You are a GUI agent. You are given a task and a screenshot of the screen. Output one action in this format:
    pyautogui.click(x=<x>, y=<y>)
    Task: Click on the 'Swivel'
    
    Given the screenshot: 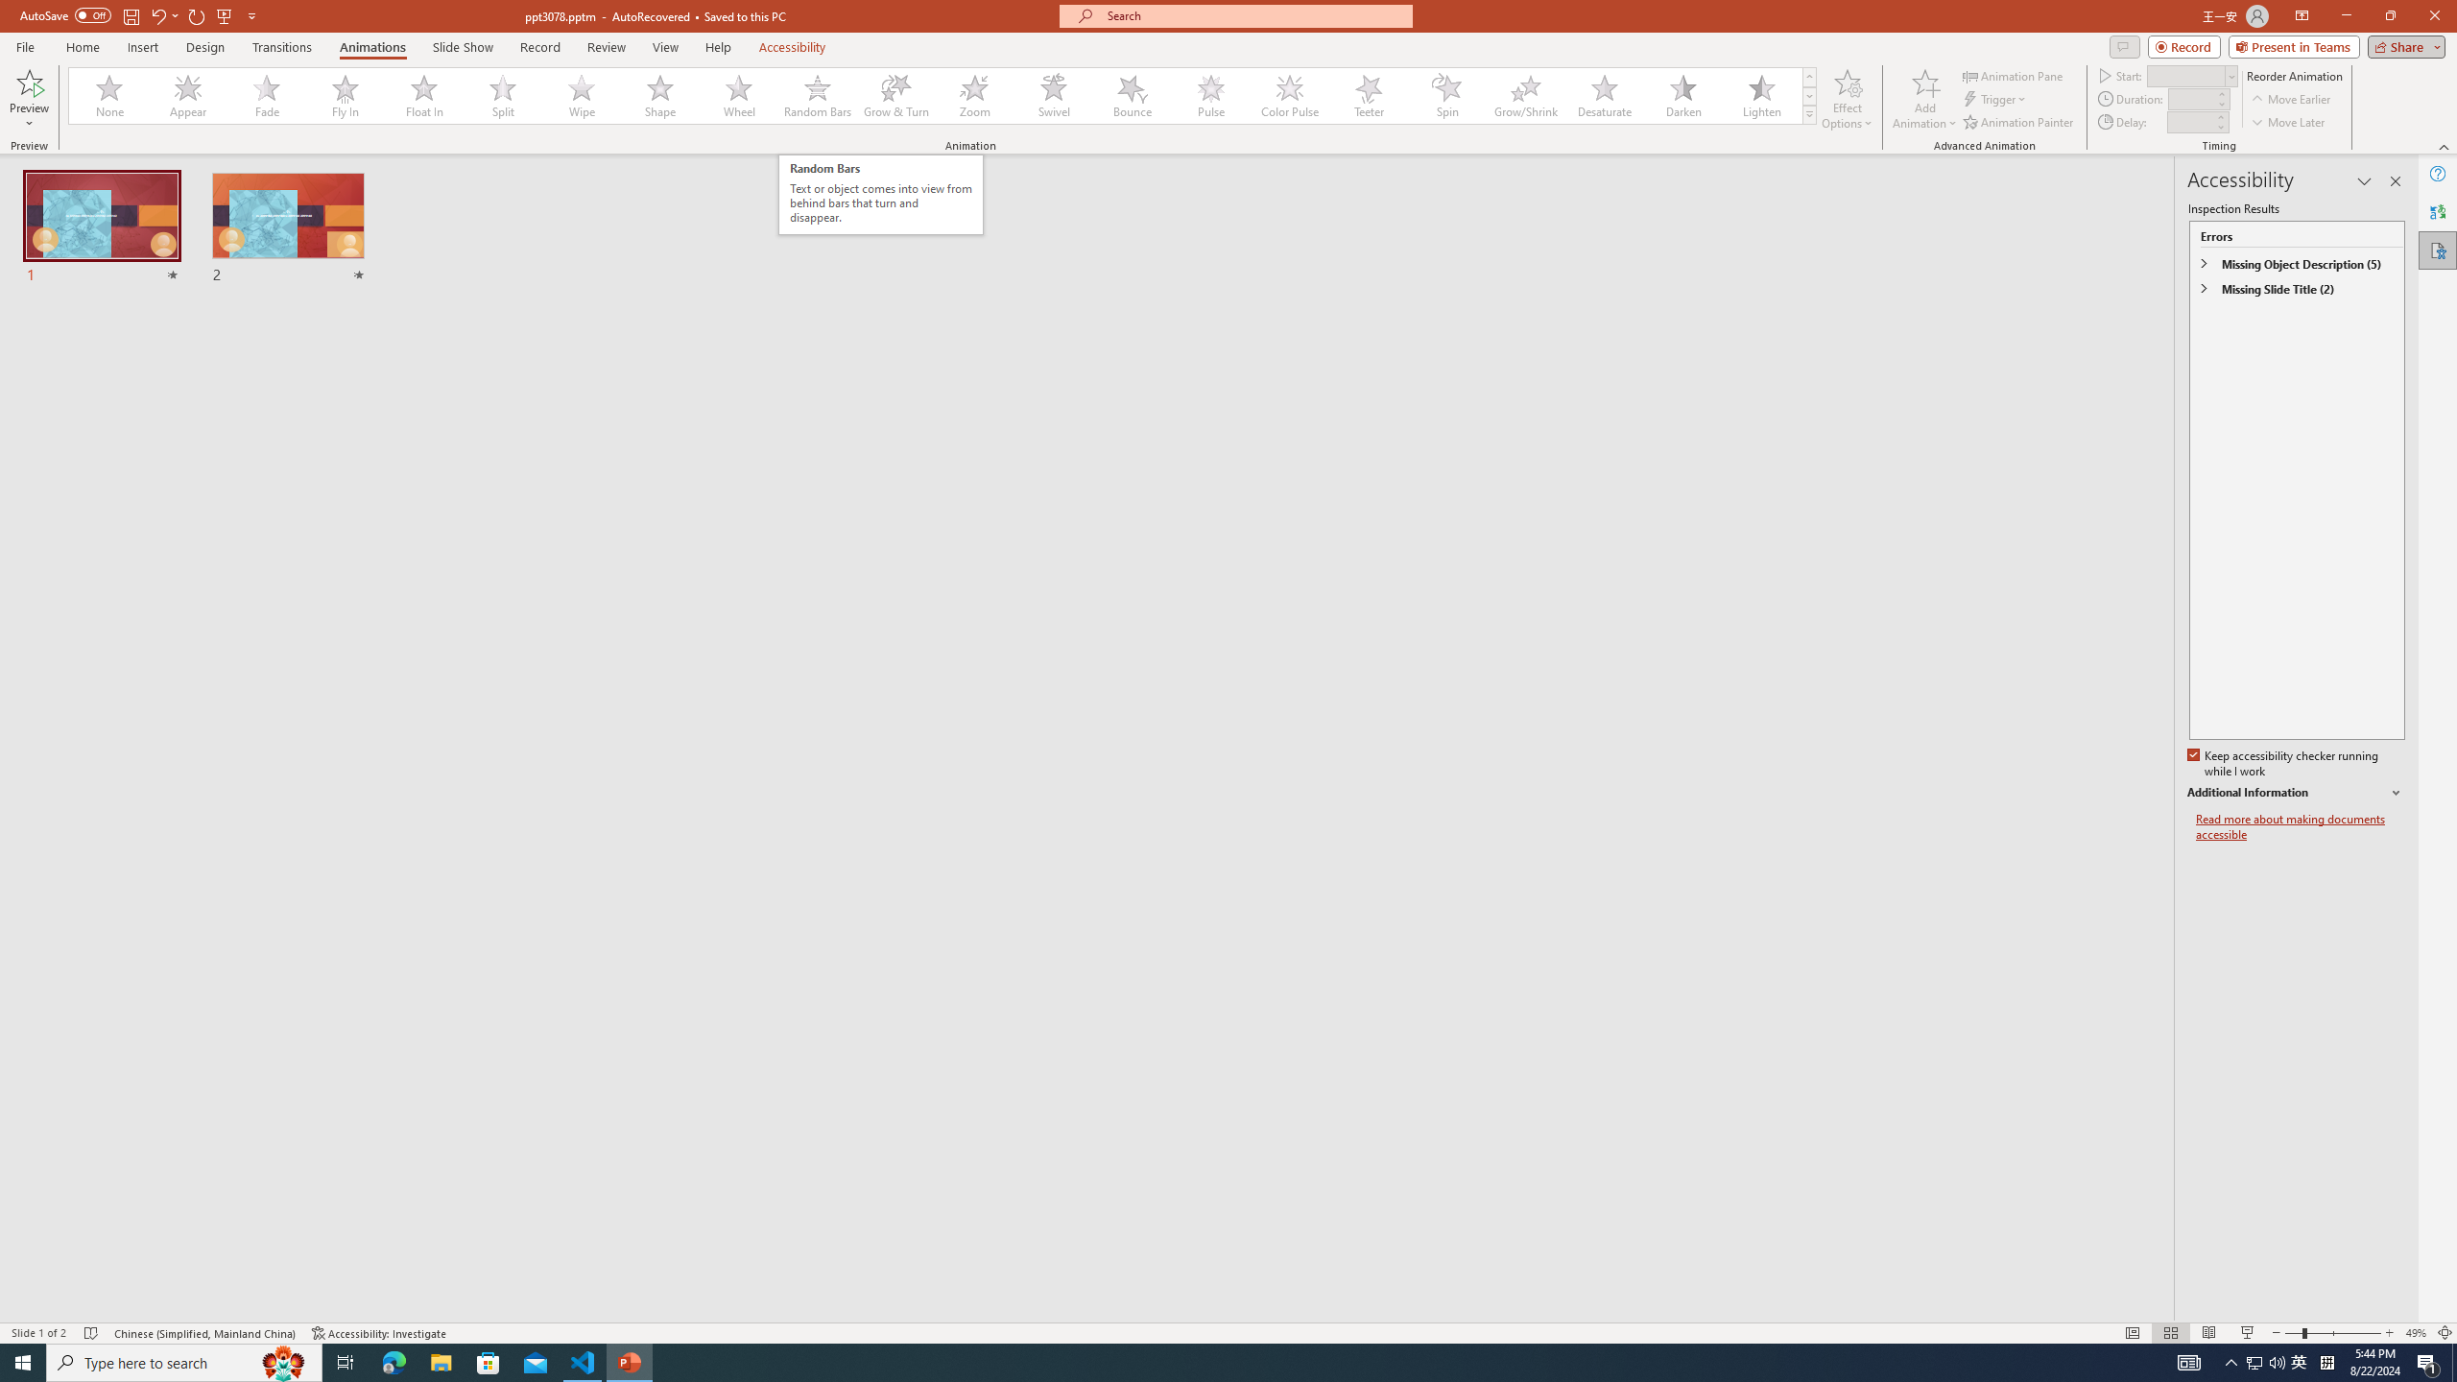 What is the action you would take?
    pyautogui.click(x=1053, y=95)
    